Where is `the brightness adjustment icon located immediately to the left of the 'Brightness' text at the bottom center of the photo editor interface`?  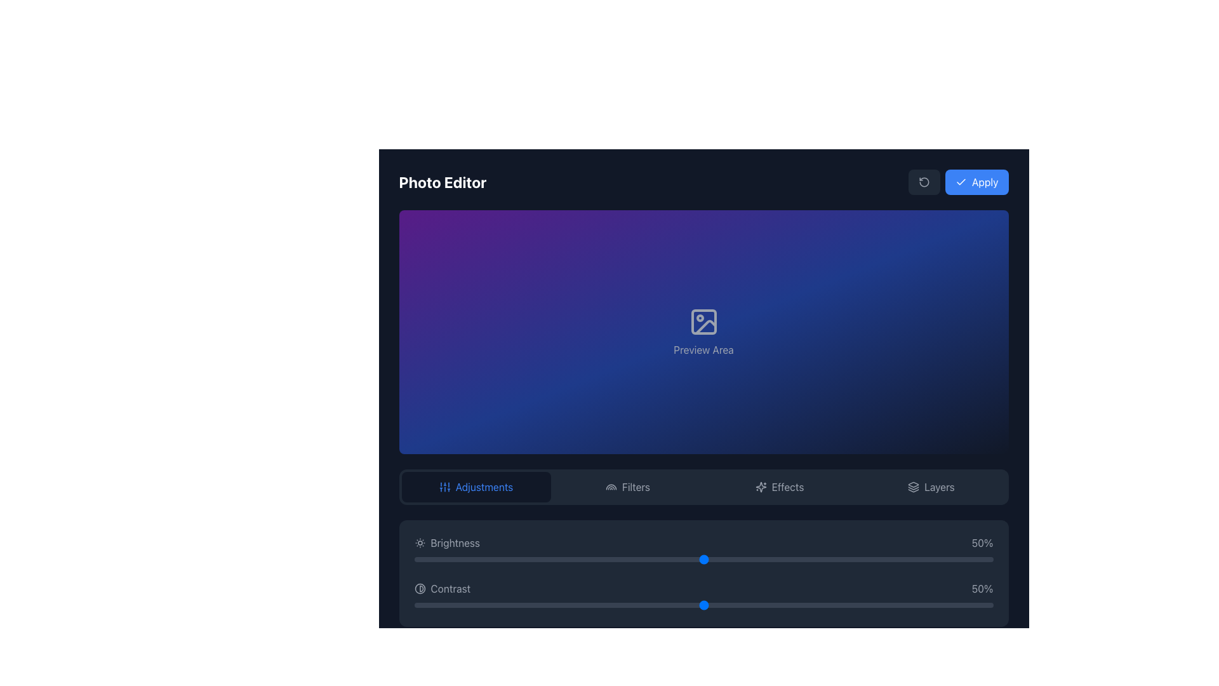
the brightness adjustment icon located immediately to the left of the 'Brightness' text at the bottom center of the photo editor interface is located at coordinates (420, 543).